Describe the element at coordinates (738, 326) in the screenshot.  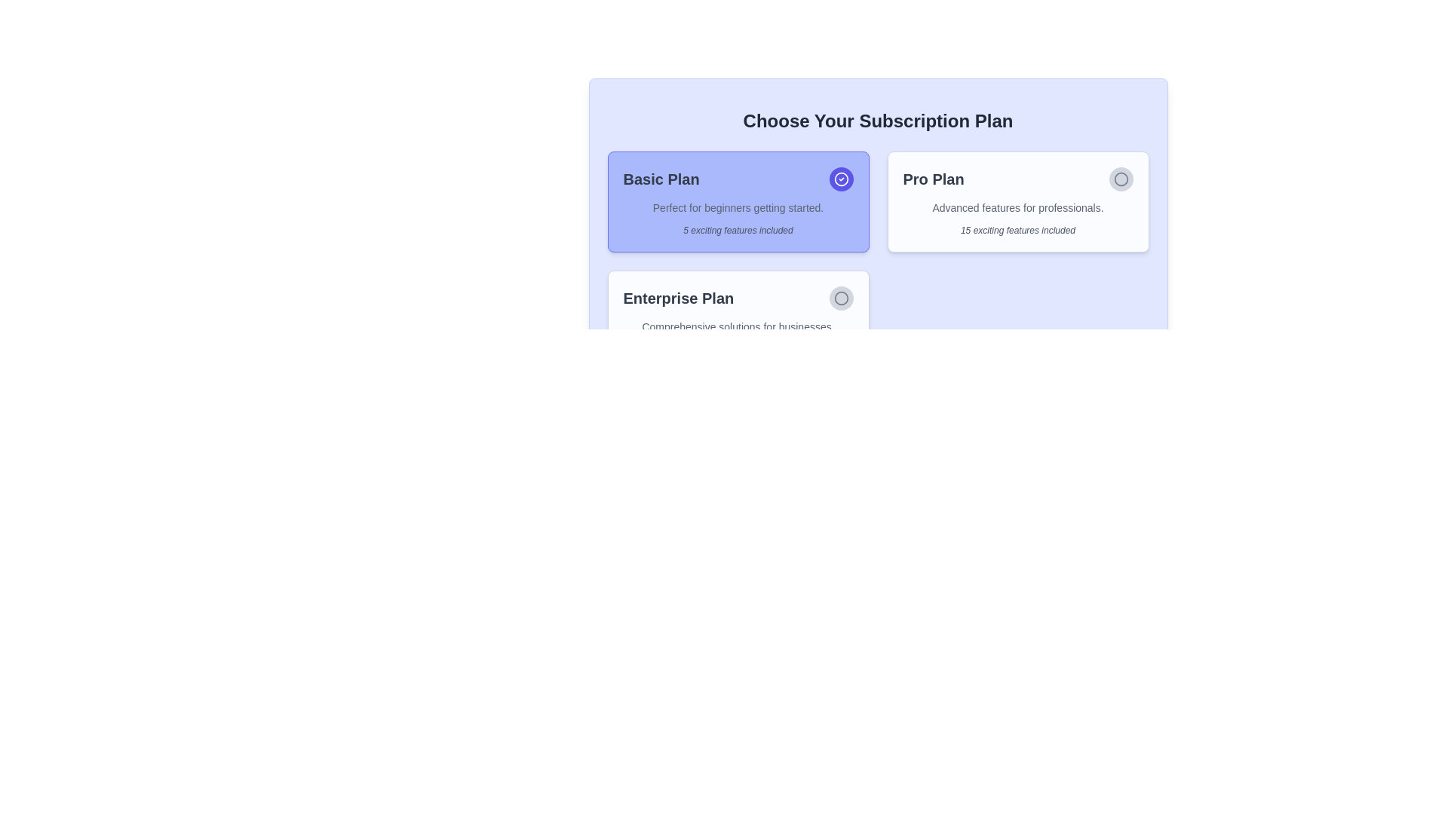
I see `the descriptive text label for the 'Enterprise Plan', which is located within its card, positioned below the heading and above the italicized text` at that location.